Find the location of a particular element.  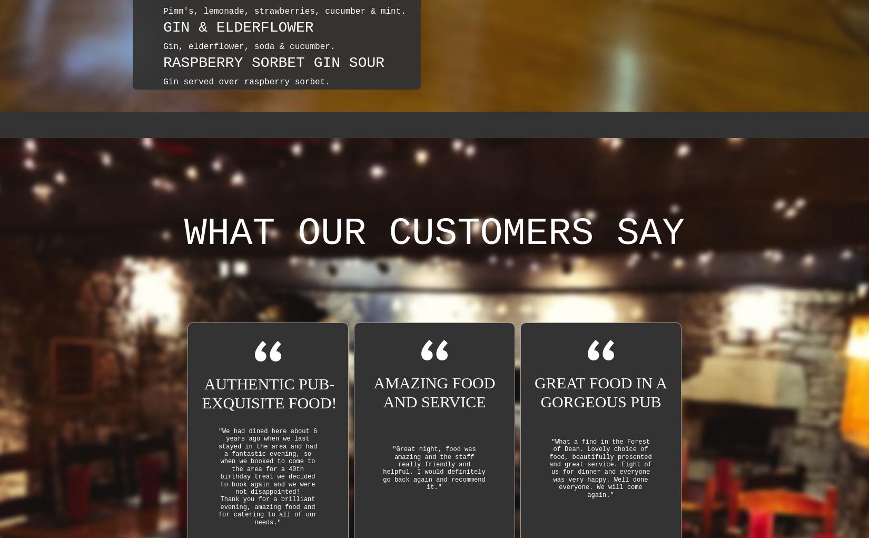

'"What a find in the Forest of Dean. Lovely choice of food, beautifully presented and great service. Eight of us for dinner and everyone was very happy. Well done everyone. We will come again."' is located at coordinates (600, 467).